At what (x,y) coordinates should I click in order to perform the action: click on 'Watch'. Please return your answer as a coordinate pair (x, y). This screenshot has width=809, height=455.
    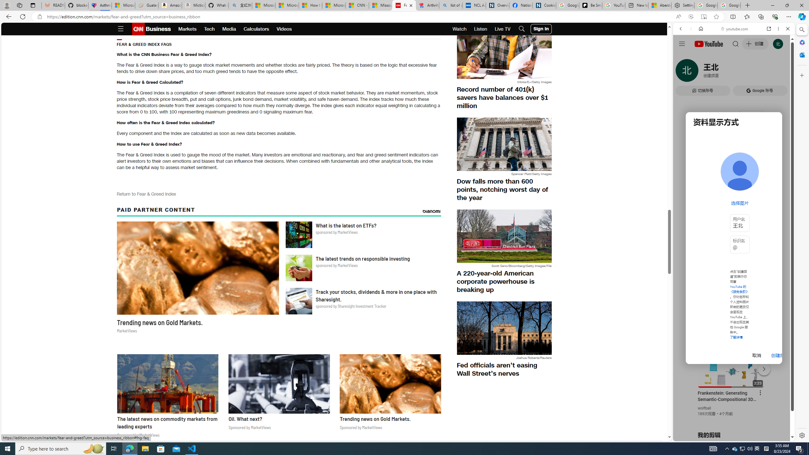
    Looking at the image, I should click on (459, 29).